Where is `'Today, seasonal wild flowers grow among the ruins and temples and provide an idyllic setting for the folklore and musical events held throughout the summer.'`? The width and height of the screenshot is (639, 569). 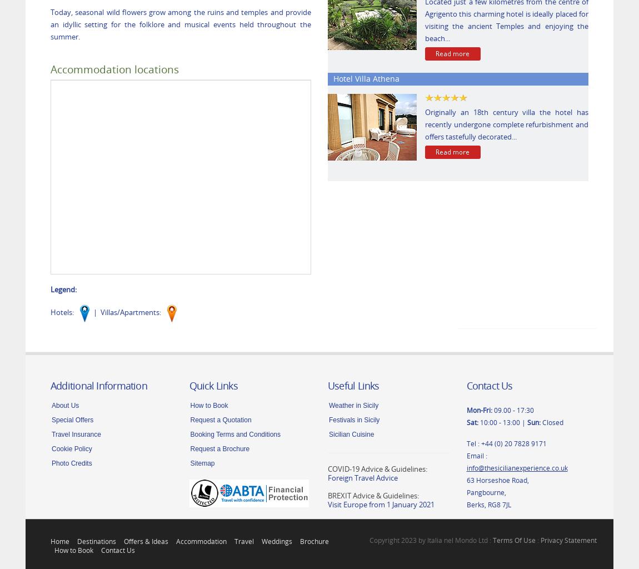
'Today, seasonal wild flowers grow among the ruins and temples and provide an idyllic setting for the folklore and musical events held throughout the summer.' is located at coordinates (181, 24).